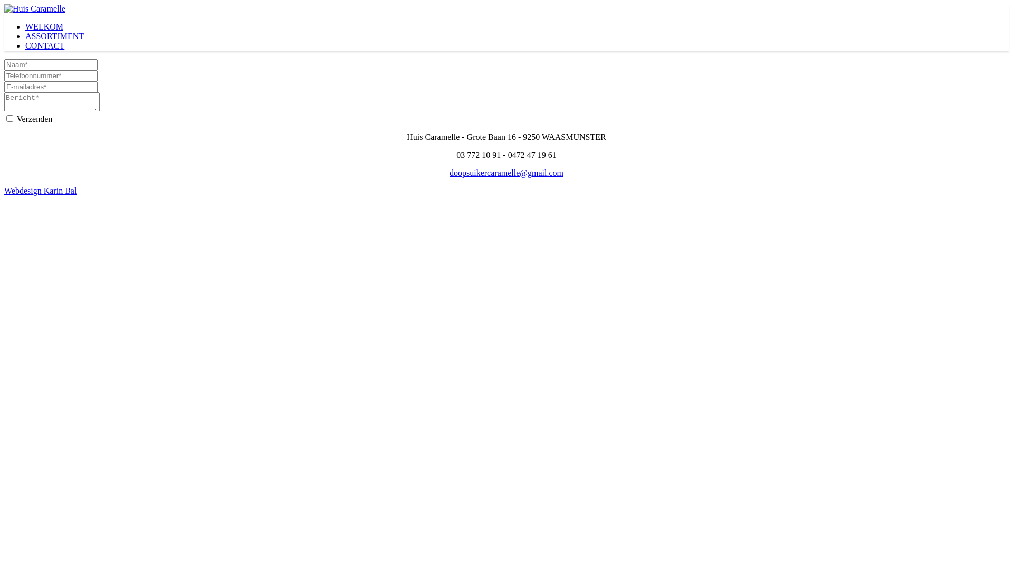  Describe the element at coordinates (25, 26) in the screenshot. I see `'WELKOM'` at that location.